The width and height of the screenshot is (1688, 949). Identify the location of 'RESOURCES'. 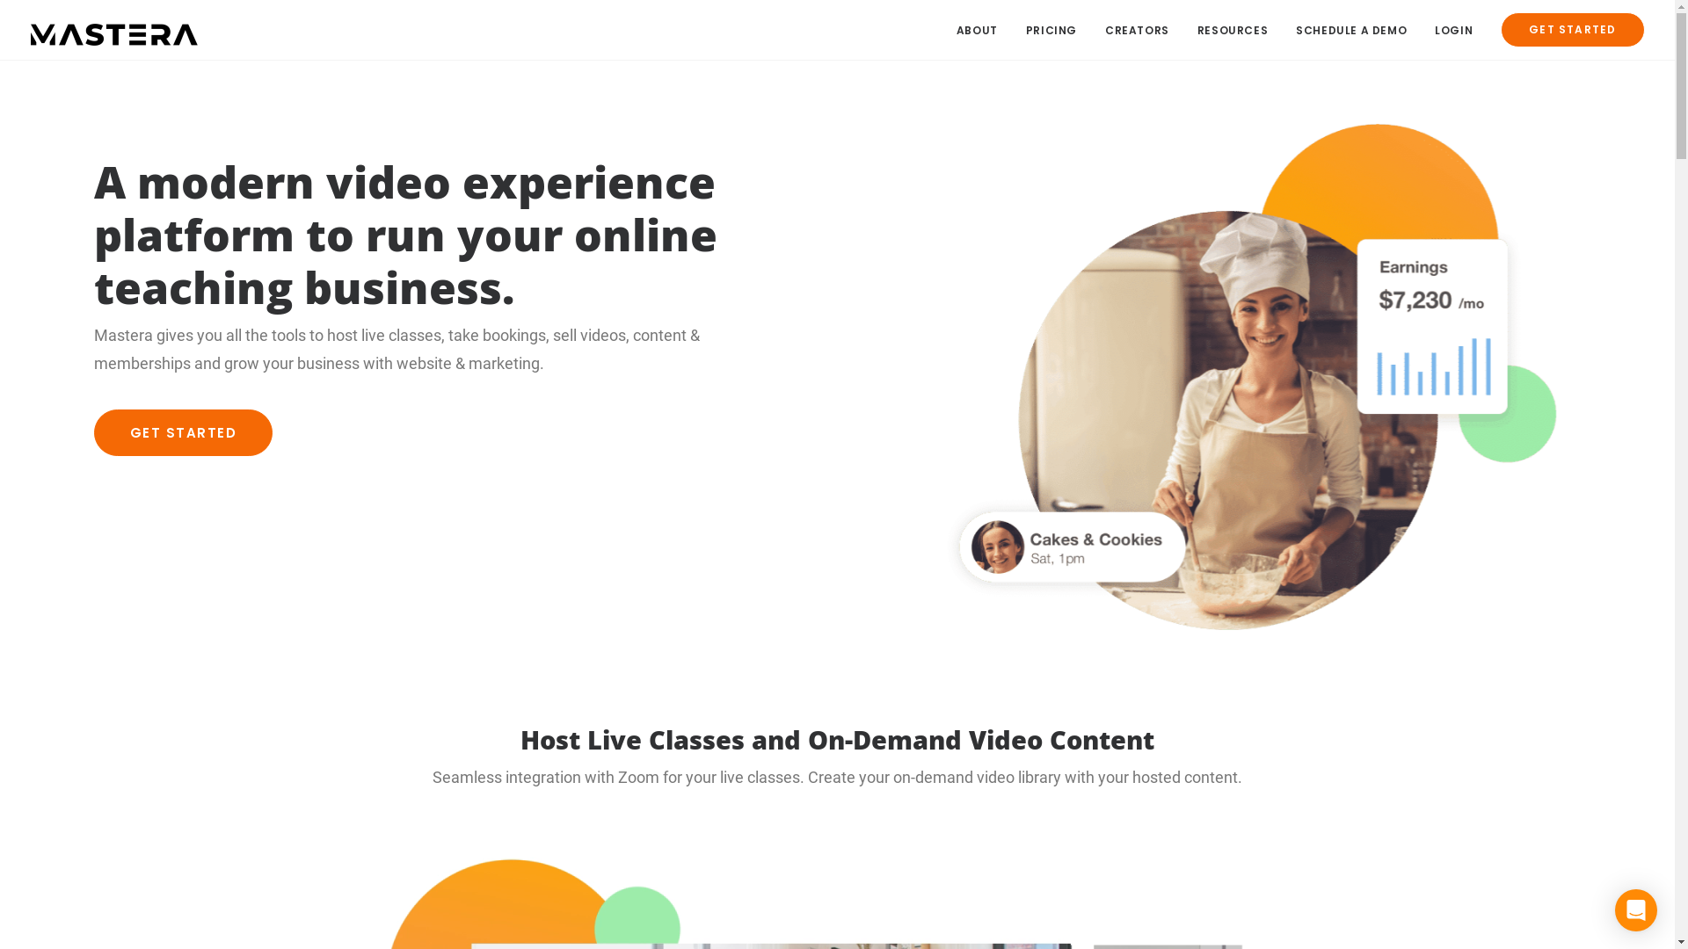
(1231, 30).